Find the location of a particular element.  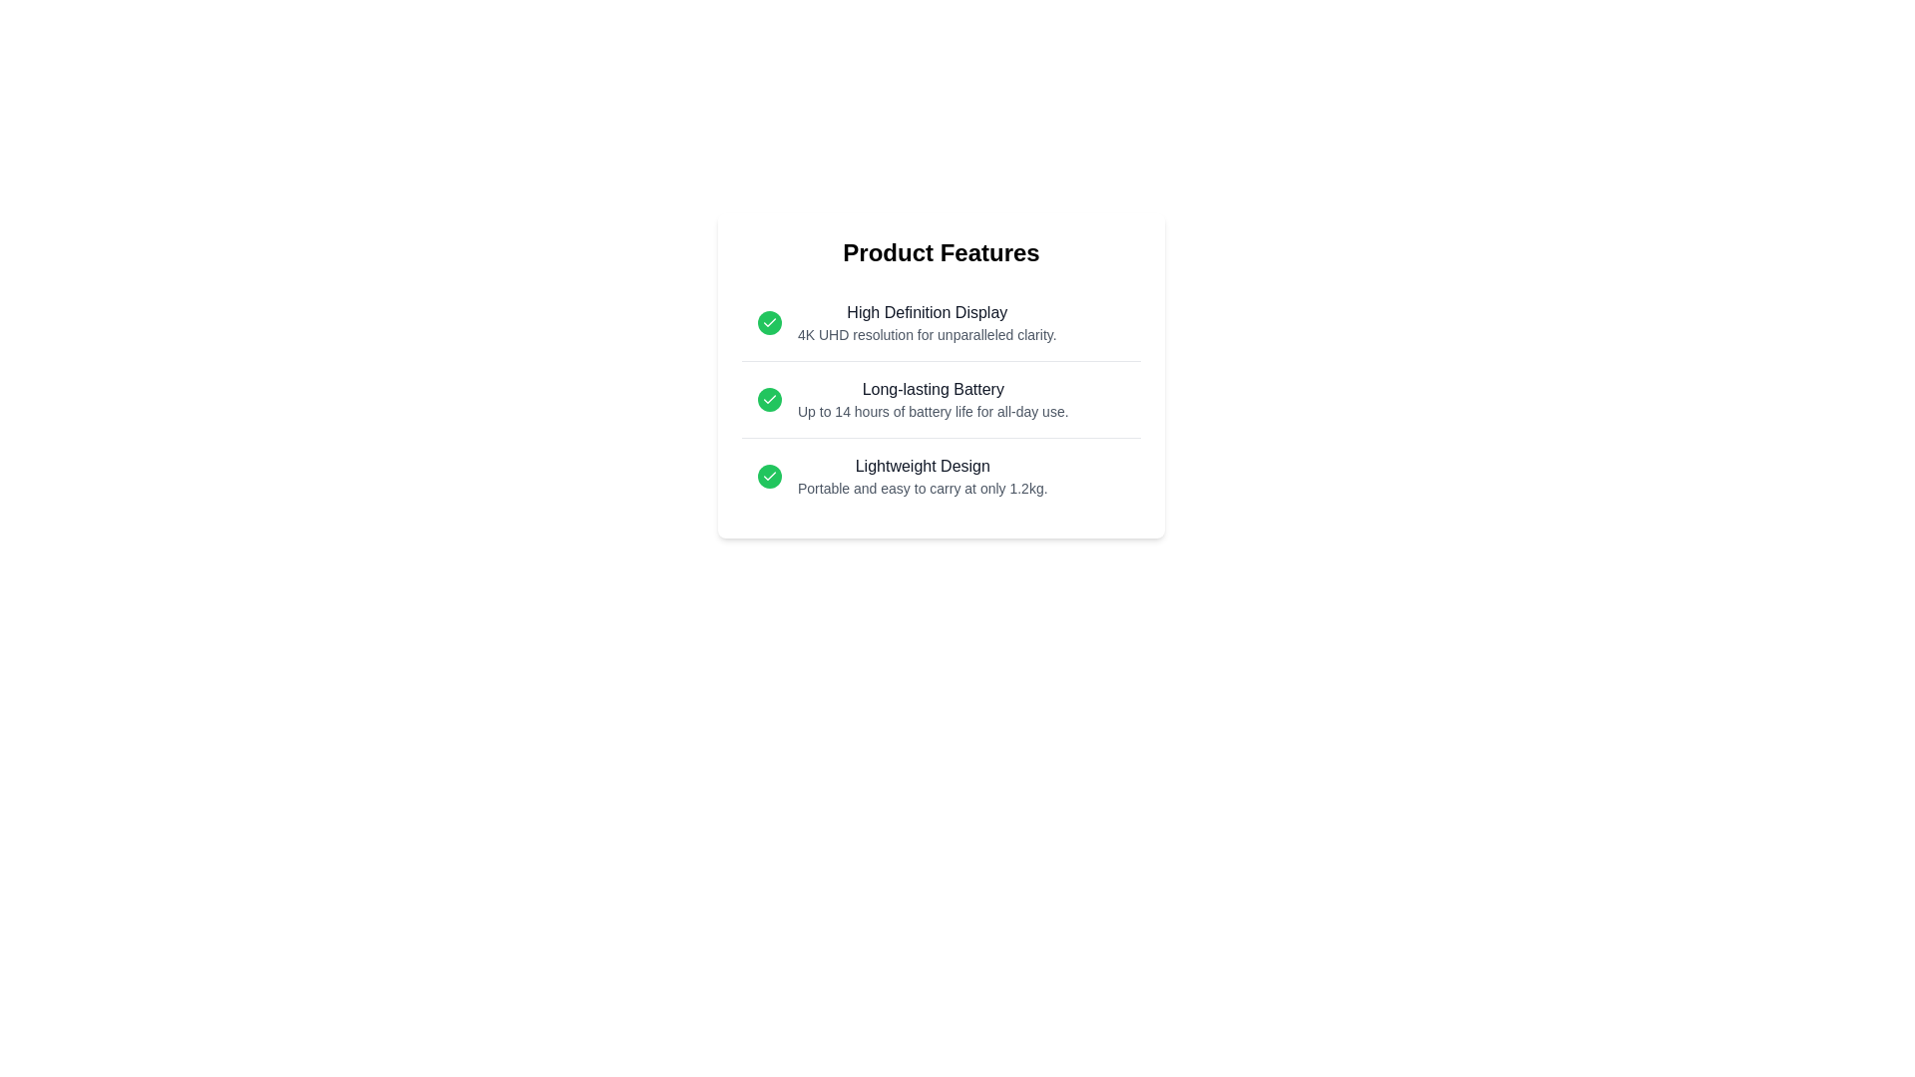

the checkmark icon for the feature Long-lasting Battery is located at coordinates (769, 400).